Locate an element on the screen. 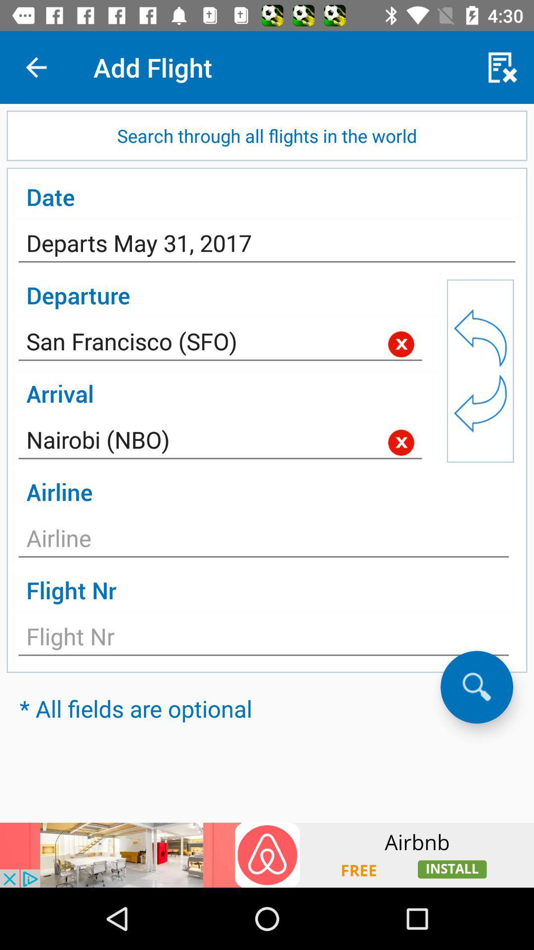  the search icon is located at coordinates (476, 686).